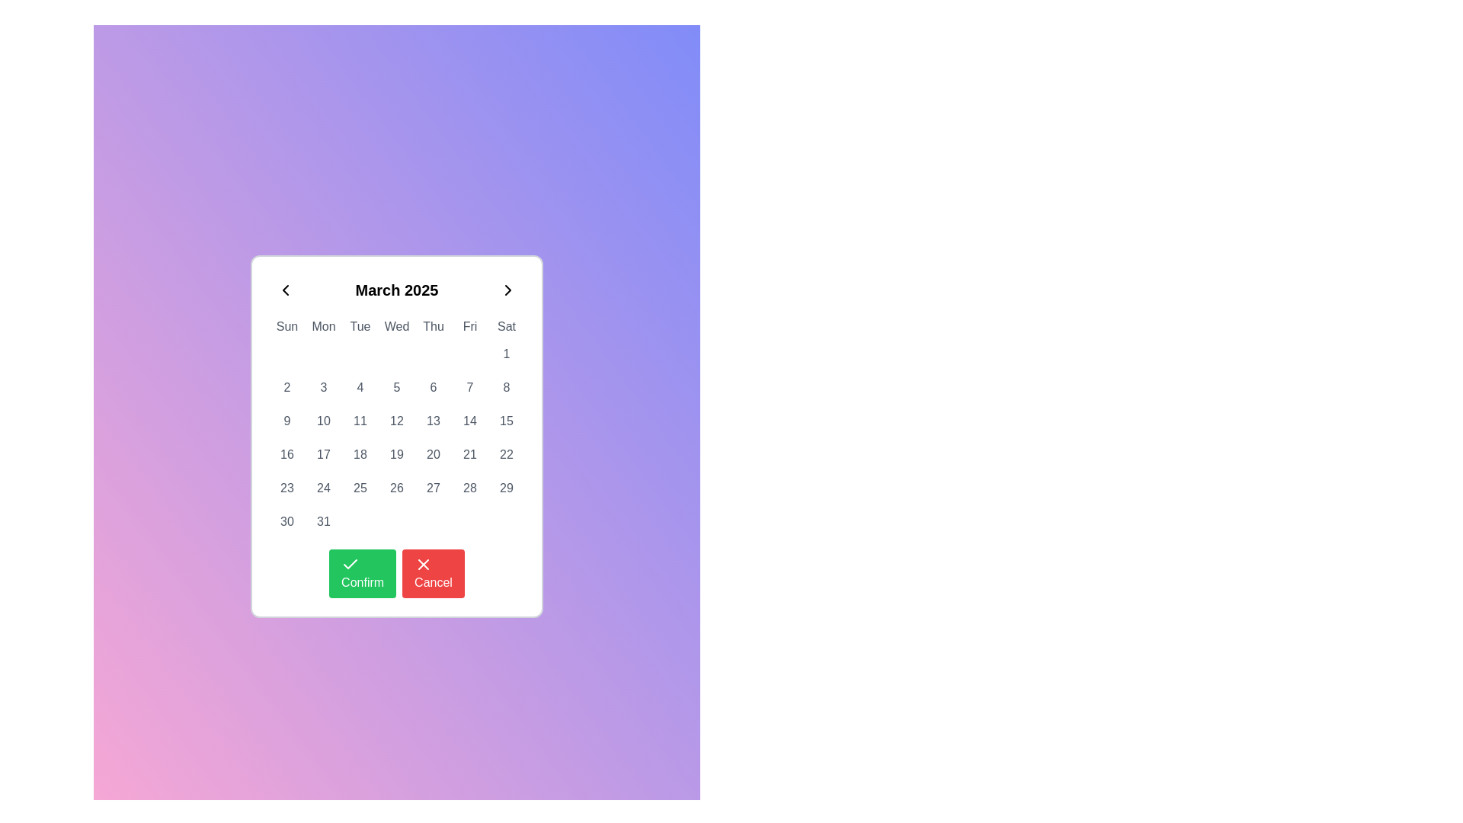  What do you see at coordinates (424, 564) in the screenshot?
I see `the 'Cancel' button icon located at the bottom right corner of the calendar interface` at bounding box center [424, 564].